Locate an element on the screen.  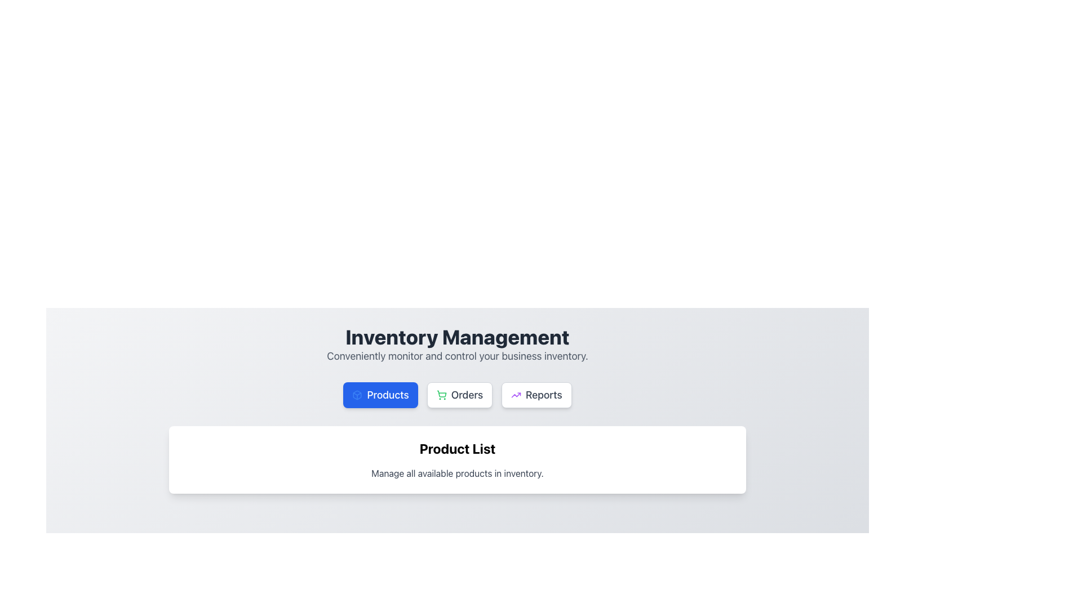
the 'Products' button, a rectangular button with rounded corners, bold blue background, white text, and a box icon on the left is located at coordinates (380, 395).